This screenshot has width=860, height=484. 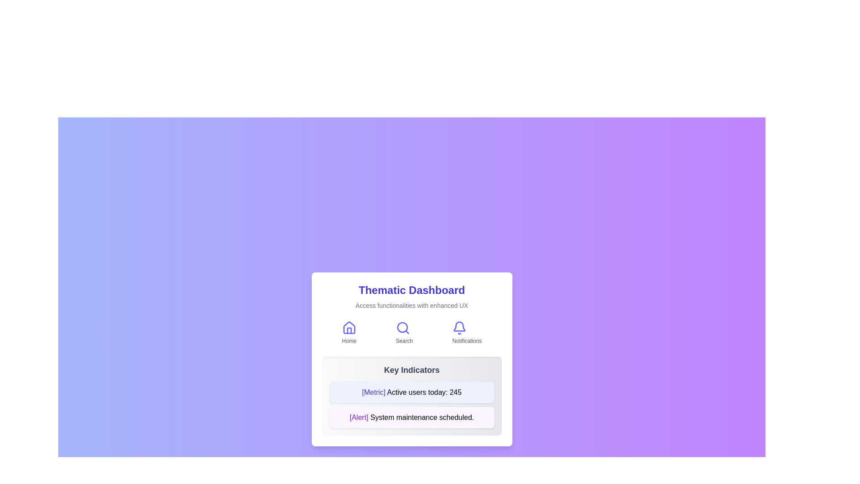 What do you see at coordinates (348, 328) in the screenshot?
I see `the house-shaped icon with a purple outline in the top-left corner of the navigation section` at bounding box center [348, 328].